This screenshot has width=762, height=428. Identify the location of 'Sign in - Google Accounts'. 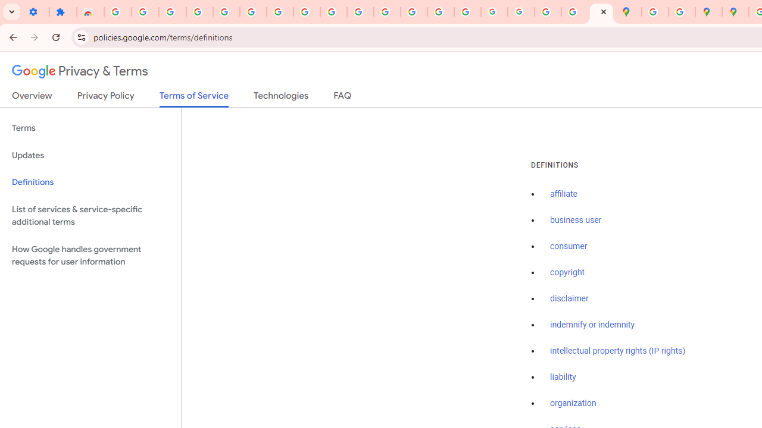
(252, 12).